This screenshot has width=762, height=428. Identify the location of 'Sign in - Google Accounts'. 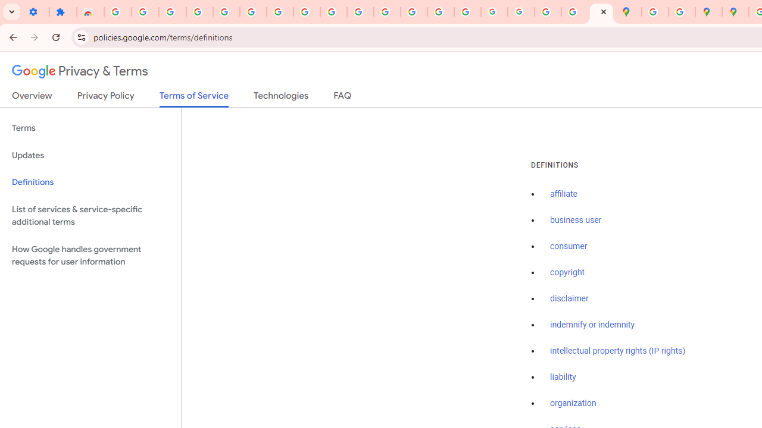
(252, 12).